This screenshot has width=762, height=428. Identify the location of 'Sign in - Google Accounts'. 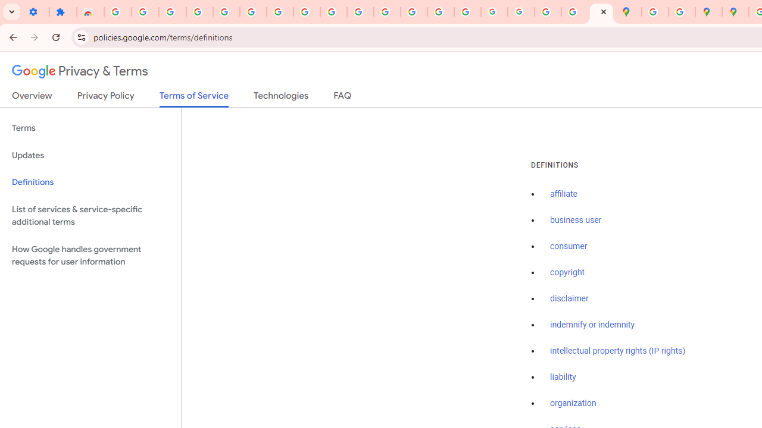
(252, 12).